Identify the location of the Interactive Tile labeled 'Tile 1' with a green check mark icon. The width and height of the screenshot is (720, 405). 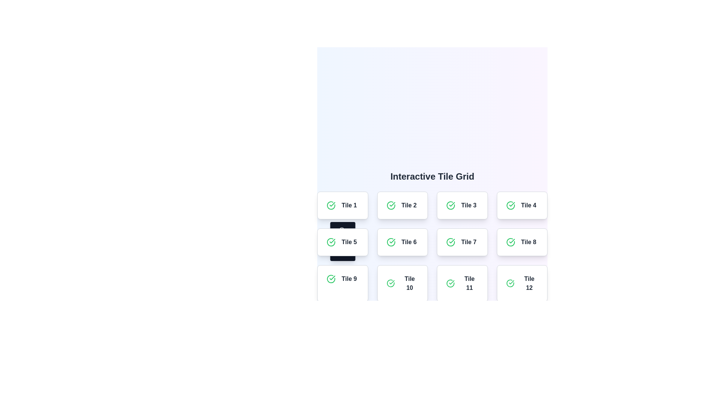
(342, 205).